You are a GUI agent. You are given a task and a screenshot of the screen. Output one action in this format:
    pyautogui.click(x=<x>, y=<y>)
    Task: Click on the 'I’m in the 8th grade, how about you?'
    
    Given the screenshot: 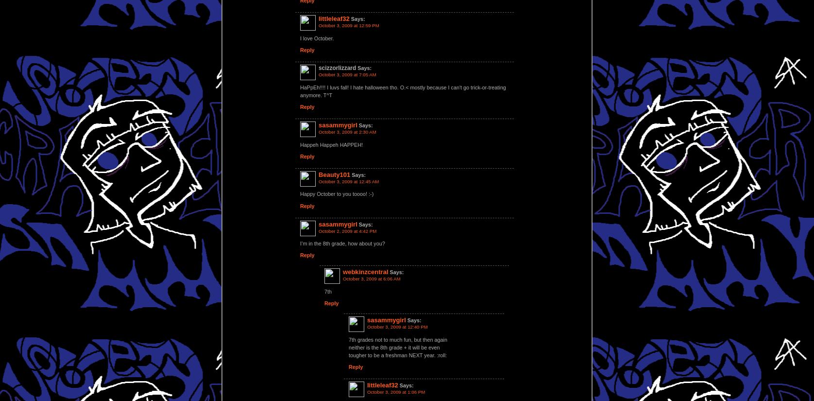 What is the action you would take?
    pyautogui.click(x=341, y=244)
    